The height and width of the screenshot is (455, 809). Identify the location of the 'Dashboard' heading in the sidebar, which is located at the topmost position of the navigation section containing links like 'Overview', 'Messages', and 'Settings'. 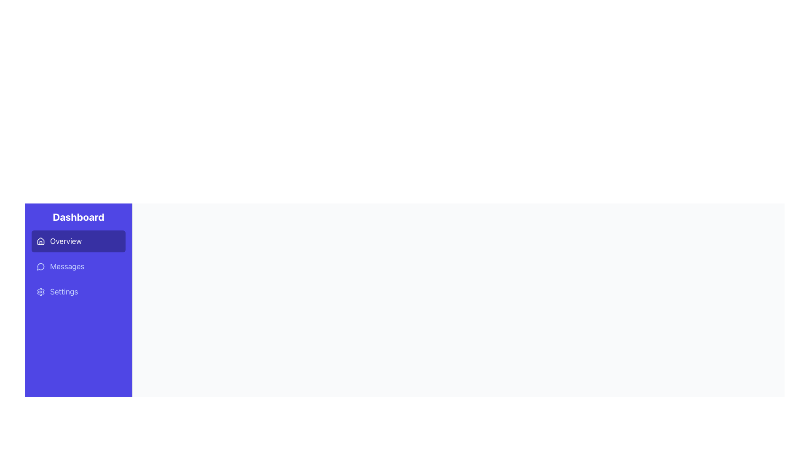
(78, 217).